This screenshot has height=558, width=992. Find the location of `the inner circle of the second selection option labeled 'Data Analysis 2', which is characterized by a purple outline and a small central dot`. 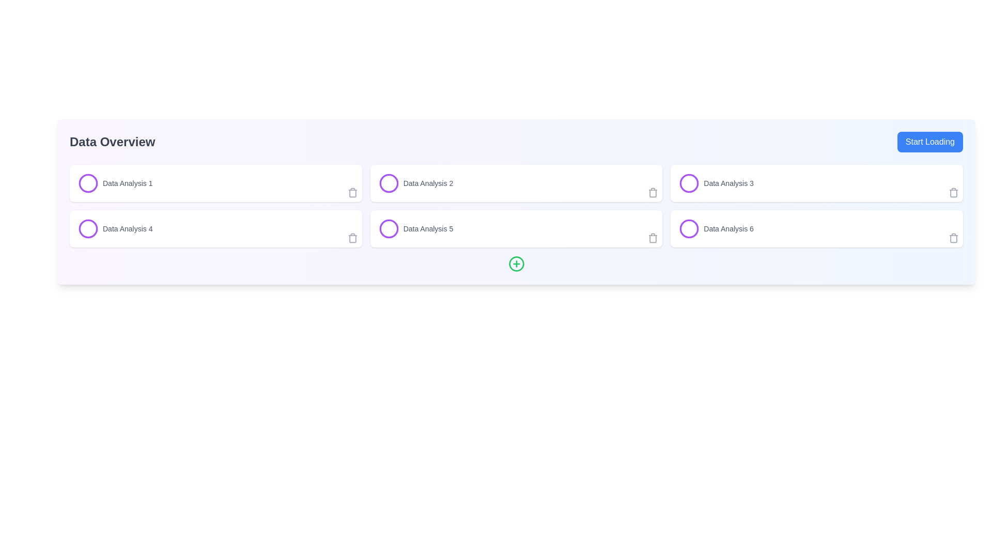

the inner circle of the second selection option labeled 'Data Analysis 2', which is characterized by a purple outline and a small central dot is located at coordinates (388, 182).